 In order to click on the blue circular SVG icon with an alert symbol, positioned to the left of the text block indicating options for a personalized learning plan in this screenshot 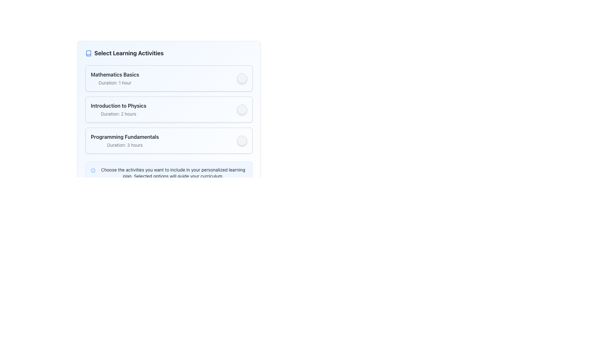, I will do `click(93, 170)`.